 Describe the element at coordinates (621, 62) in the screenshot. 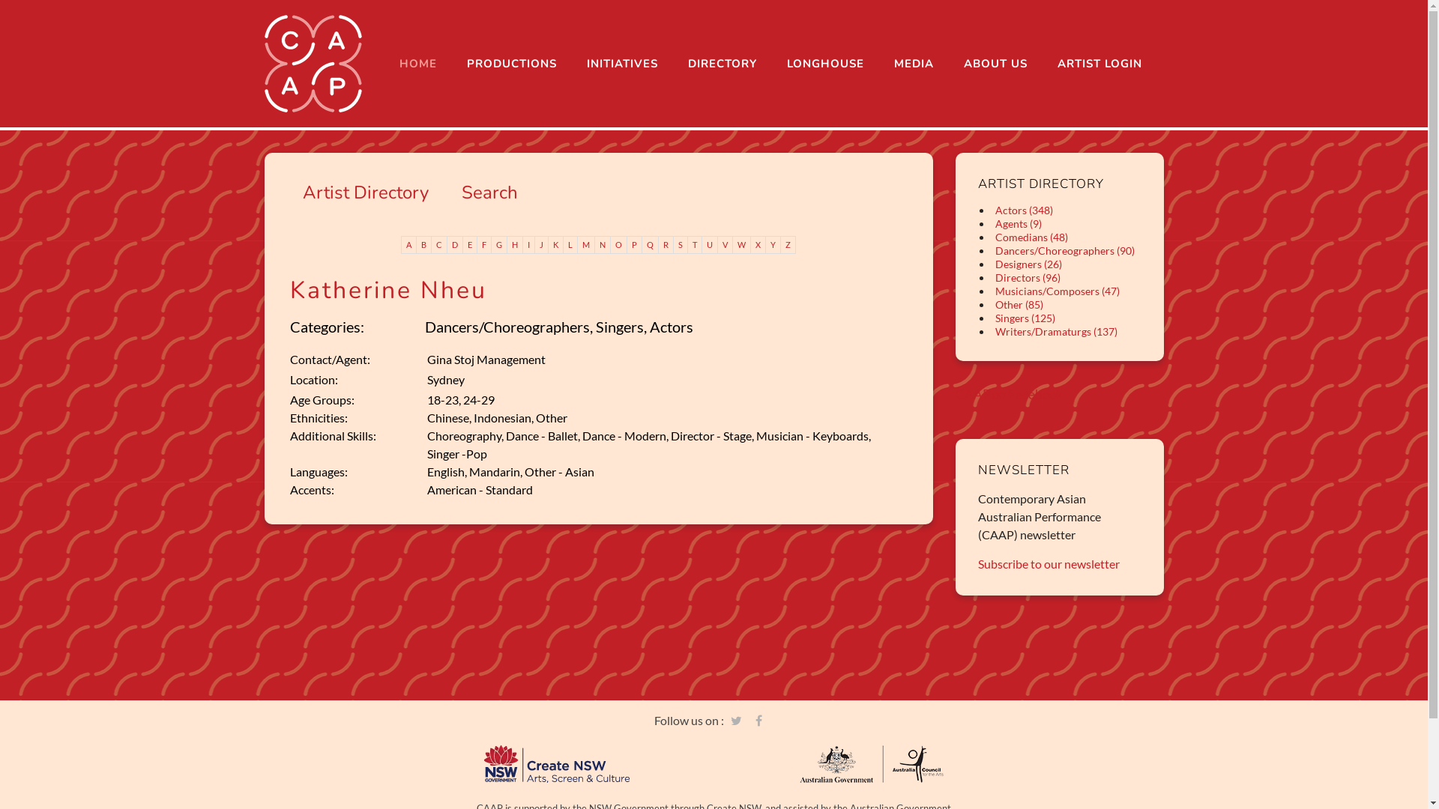

I see `'INITIATIVES'` at that location.